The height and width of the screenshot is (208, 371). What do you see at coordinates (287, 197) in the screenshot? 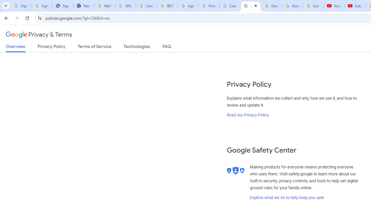
I see `'Explore what we do to help keep you safe'` at bounding box center [287, 197].